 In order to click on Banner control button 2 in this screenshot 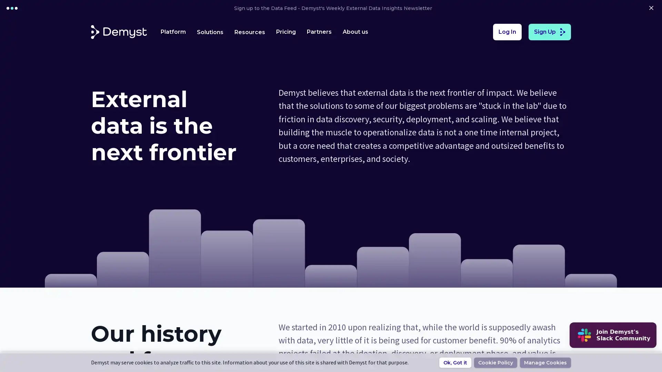, I will do `click(16, 8)`.